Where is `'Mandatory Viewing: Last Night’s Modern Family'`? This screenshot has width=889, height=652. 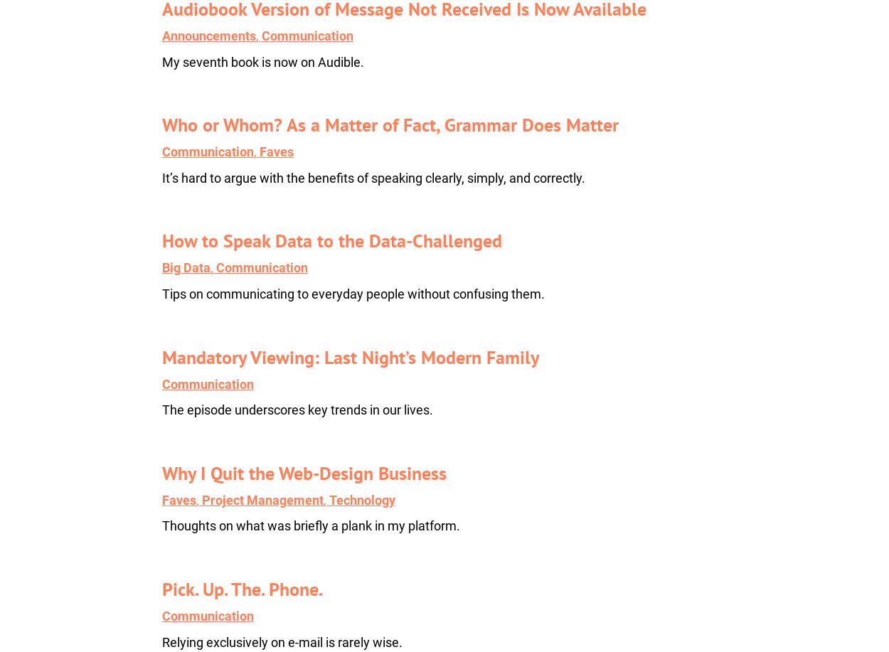 'Mandatory Viewing: Last Night’s Modern Family' is located at coordinates (349, 356).